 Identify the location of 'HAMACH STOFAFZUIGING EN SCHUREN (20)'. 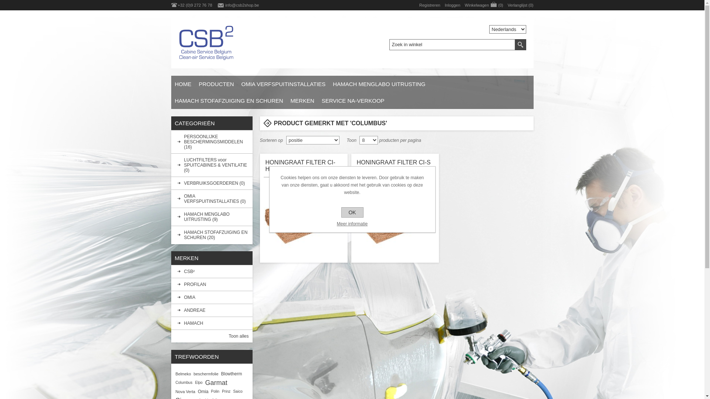
(211, 235).